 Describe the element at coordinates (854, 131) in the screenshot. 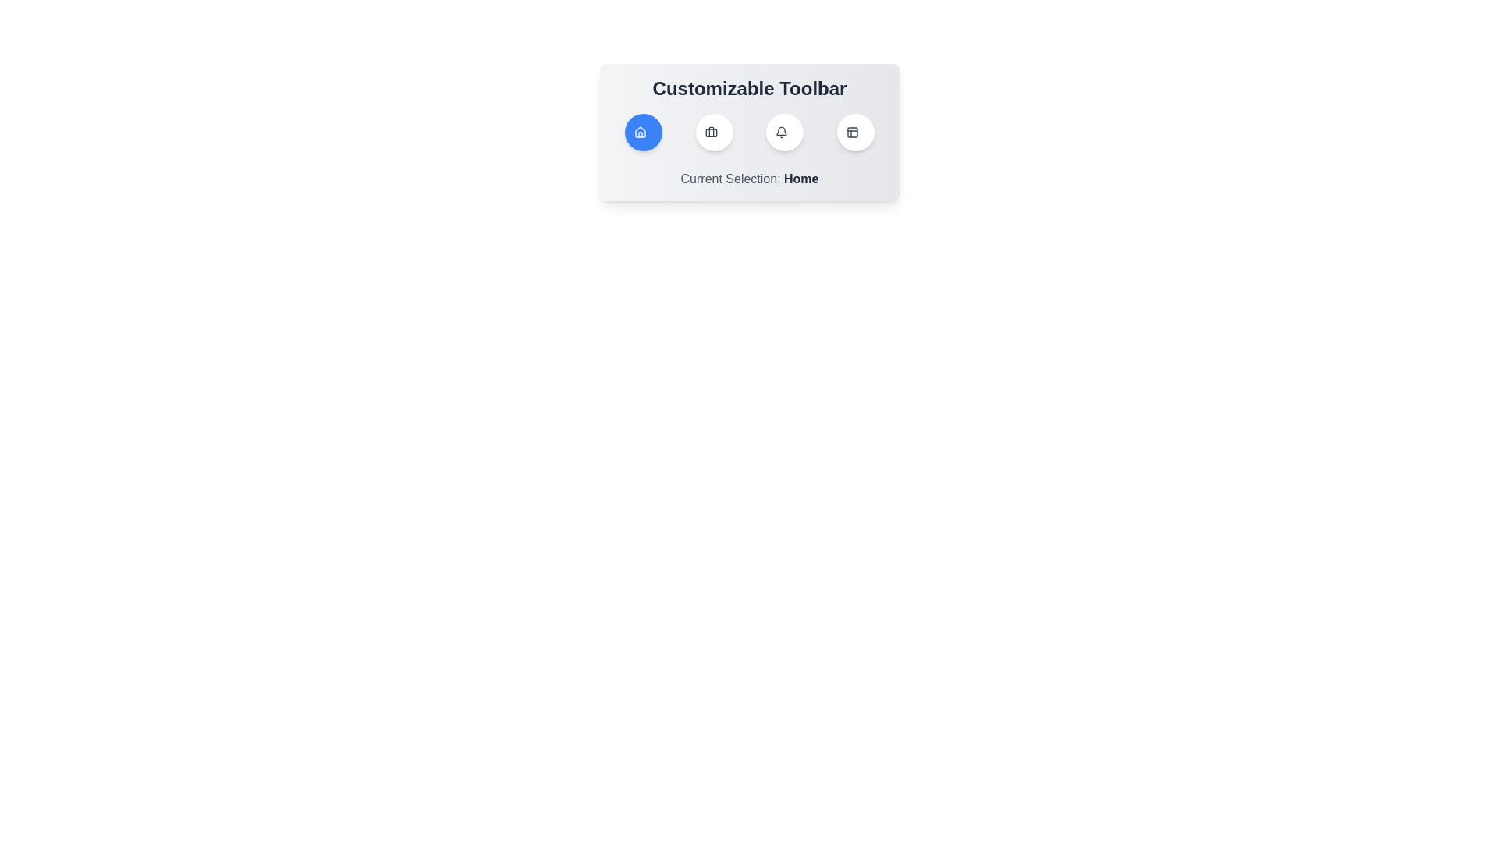

I see `the fifth circular icon with a white background and gray border in the customizable toolbar` at that location.